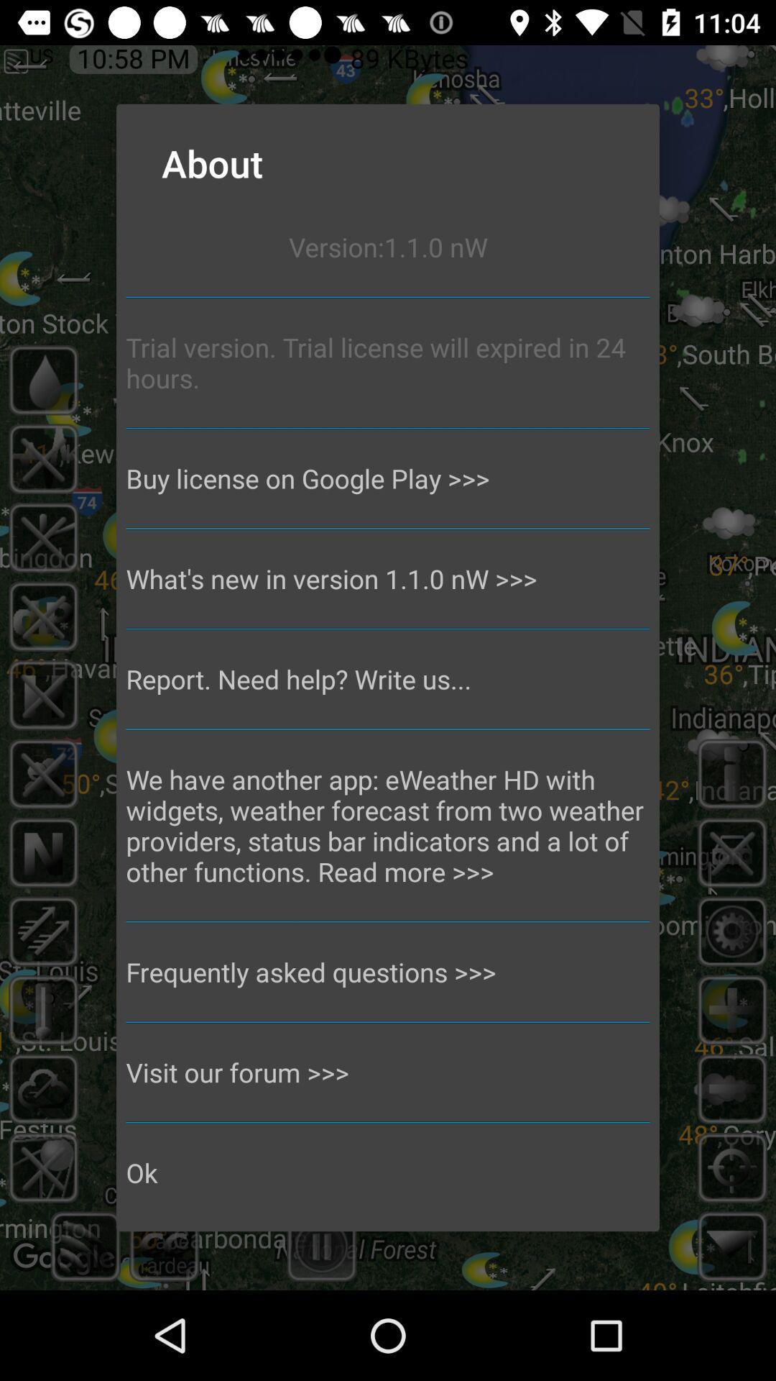  What do you see at coordinates (388, 478) in the screenshot?
I see `buy license on app` at bounding box center [388, 478].